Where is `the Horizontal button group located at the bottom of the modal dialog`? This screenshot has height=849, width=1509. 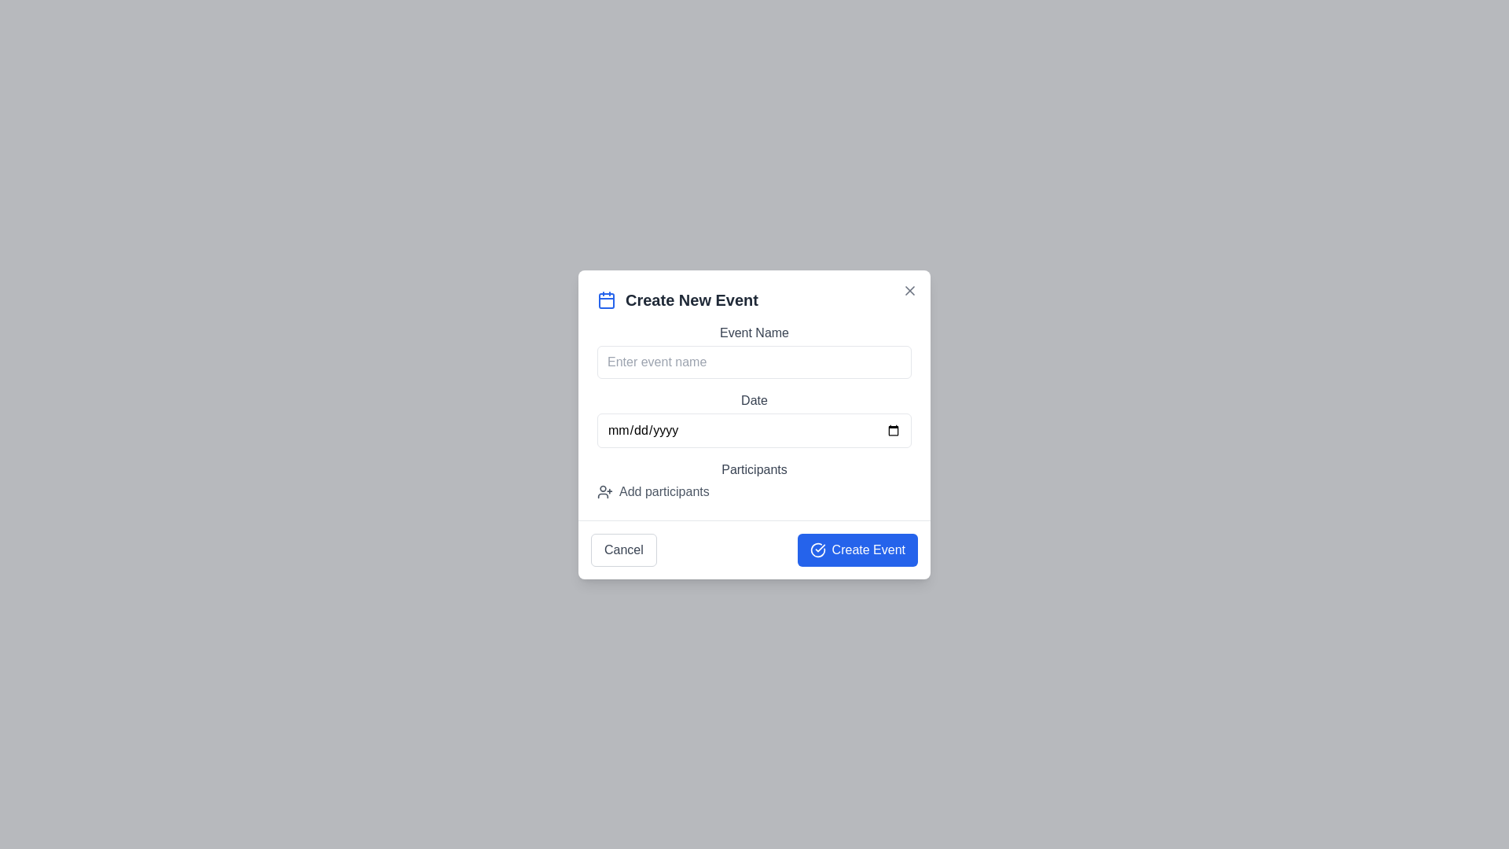 the Horizontal button group located at the bottom of the modal dialog is located at coordinates (754, 548).